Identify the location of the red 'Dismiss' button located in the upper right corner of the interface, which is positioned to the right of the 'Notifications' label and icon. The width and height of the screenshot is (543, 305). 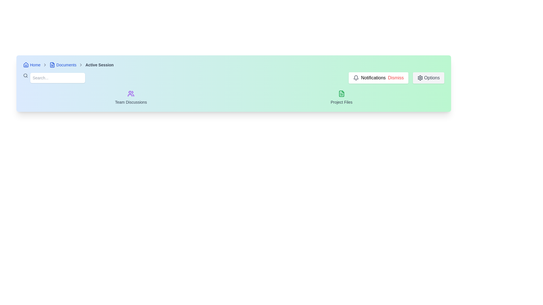
(395, 78).